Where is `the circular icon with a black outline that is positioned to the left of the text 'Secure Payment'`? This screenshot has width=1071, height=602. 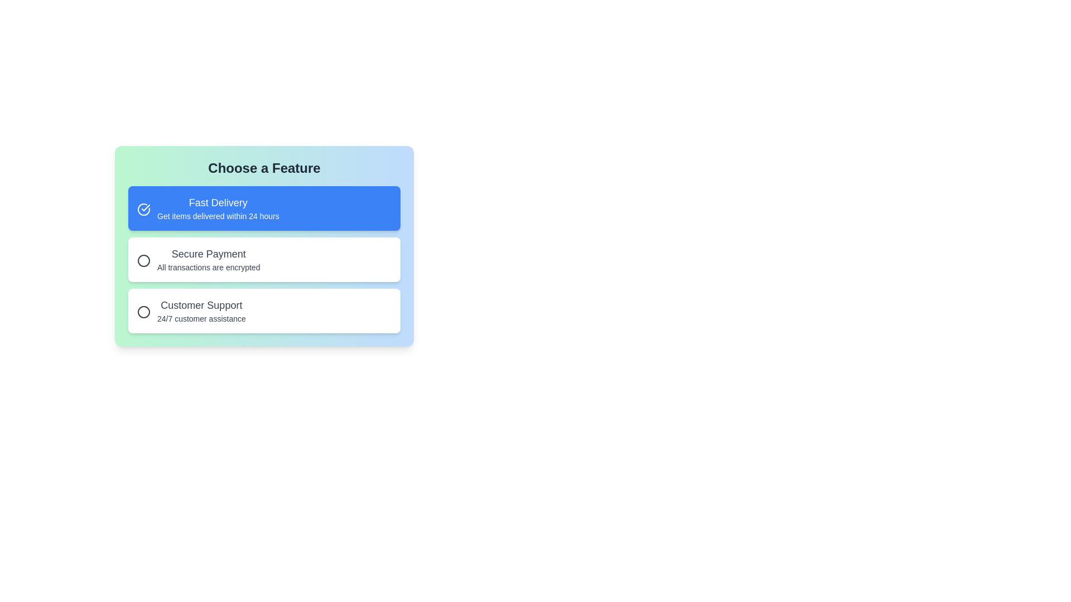 the circular icon with a black outline that is positioned to the left of the text 'Secure Payment' is located at coordinates (142, 260).